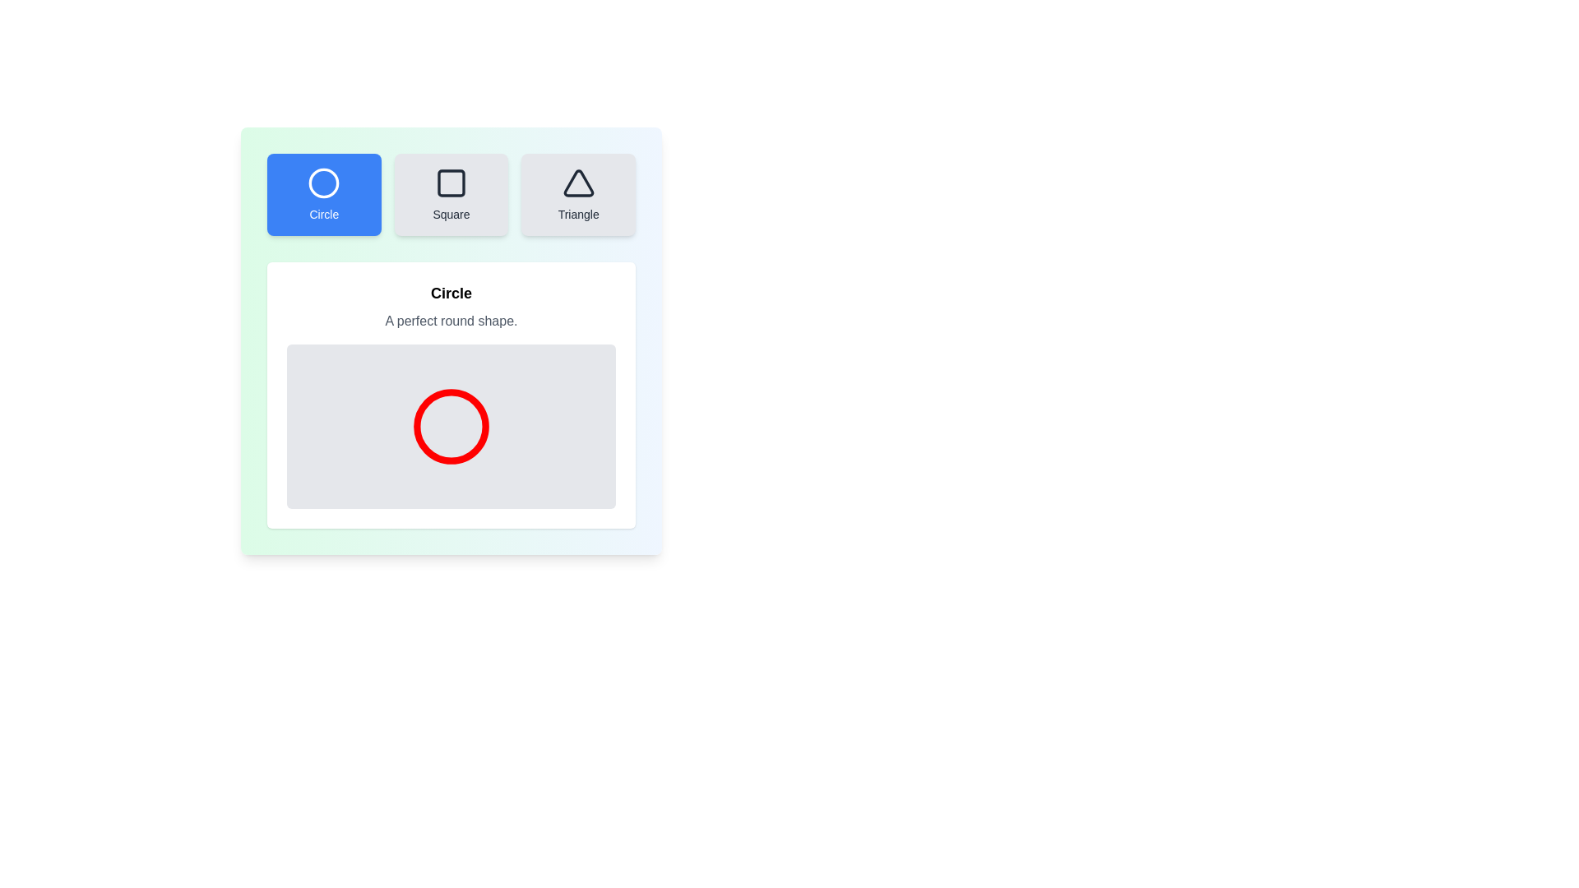 The image size is (1579, 888). Describe the element at coordinates (323, 193) in the screenshot. I see `the button corresponding to the shape Circle` at that location.